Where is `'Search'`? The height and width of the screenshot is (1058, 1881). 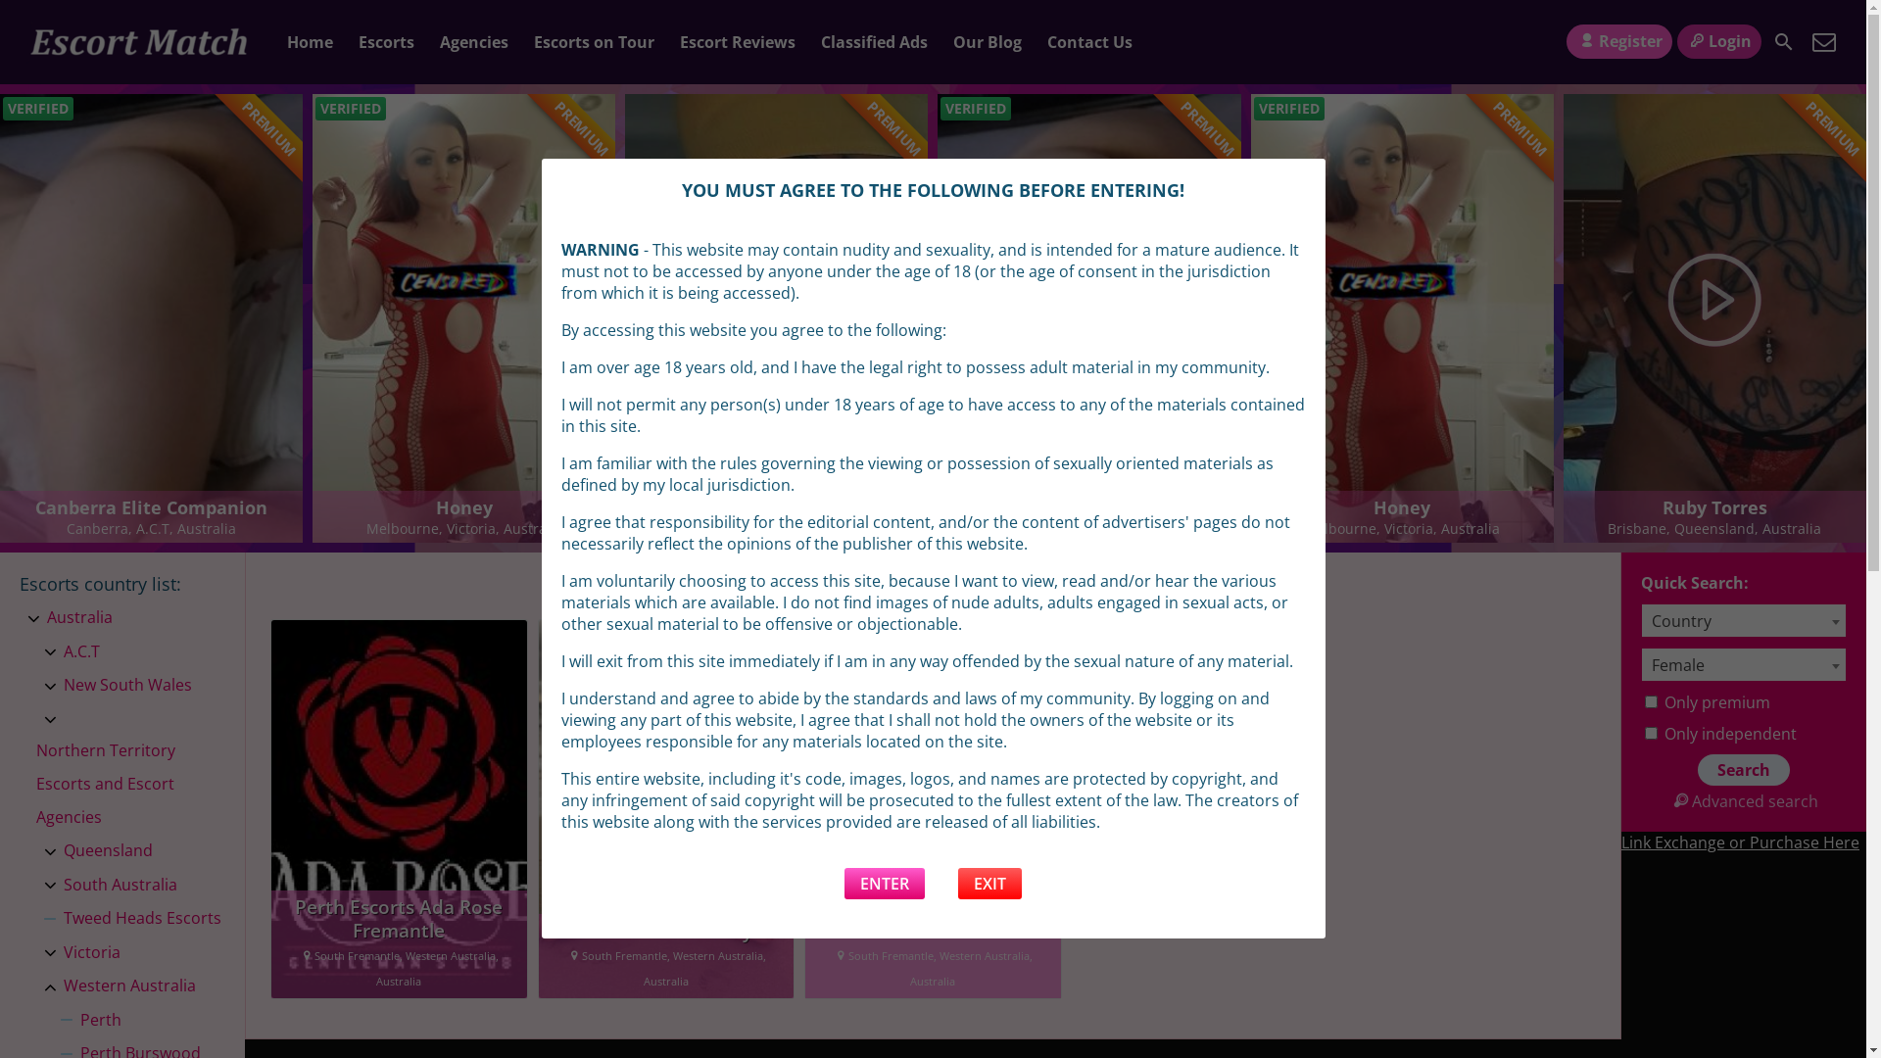
'Search' is located at coordinates (1744, 769).